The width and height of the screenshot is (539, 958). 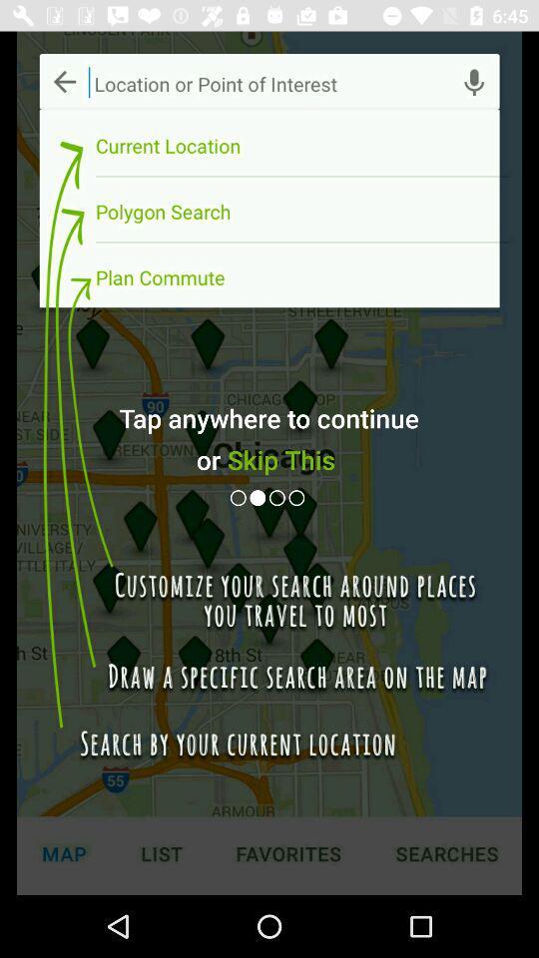 What do you see at coordinates (260, 497) in the screenshot?
I see `next button` at bounding box center [260, 497].